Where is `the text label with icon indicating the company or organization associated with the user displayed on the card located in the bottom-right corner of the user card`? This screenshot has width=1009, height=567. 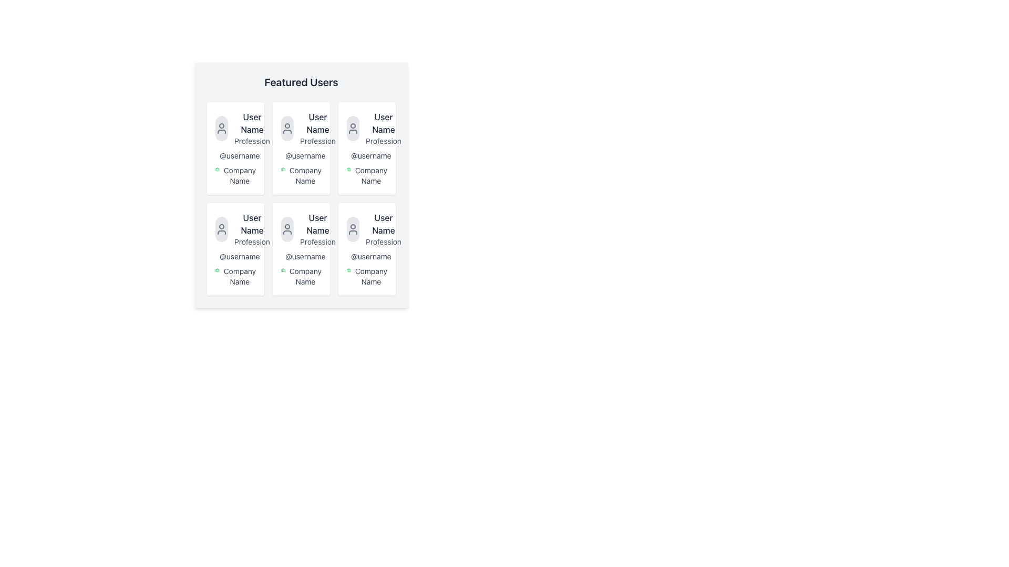
the text label with icon indicating the company or organization associated with the user displayed on the card located in the bottom-right corner of the user card is located at coordinates (367, 276).